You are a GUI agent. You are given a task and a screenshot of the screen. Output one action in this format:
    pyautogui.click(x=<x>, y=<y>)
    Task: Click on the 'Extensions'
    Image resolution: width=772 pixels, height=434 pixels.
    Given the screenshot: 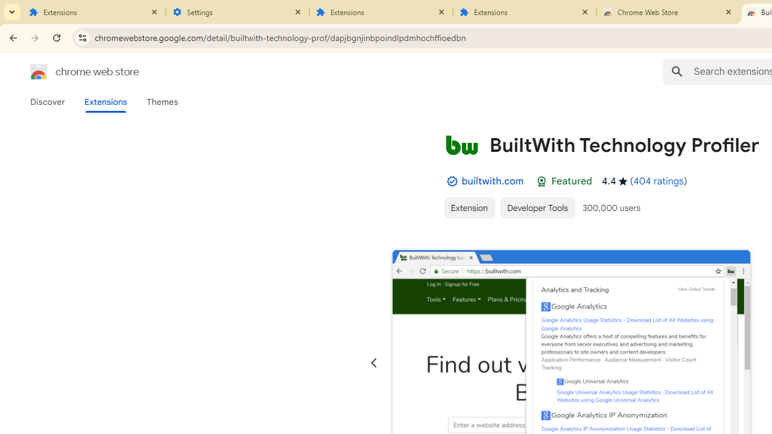 What is the action you would take?
    pyautogui.click(x=93, y=12)
    